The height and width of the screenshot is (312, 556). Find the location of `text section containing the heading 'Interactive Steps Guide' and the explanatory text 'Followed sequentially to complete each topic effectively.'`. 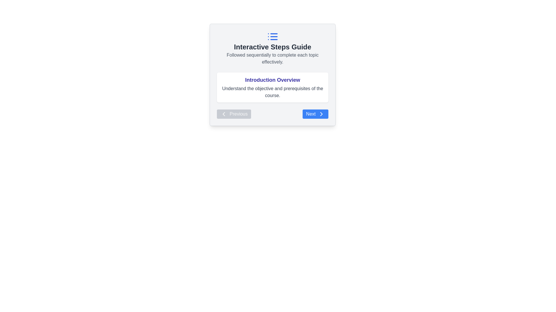

text section containing the heading 'Interactive Steps Guide' and the explanatory text 'Followed sequentially to complete each topic effectively.' is located at coordinates (272, 48).